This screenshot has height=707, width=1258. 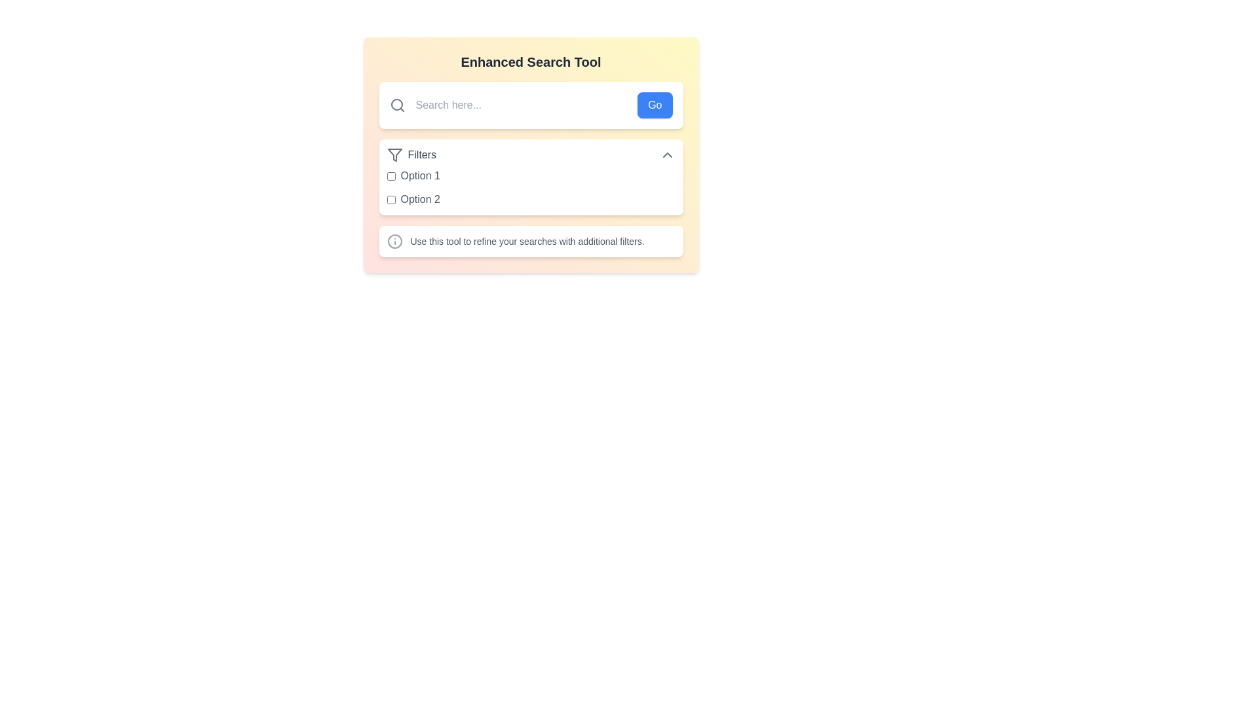 I want to click on the text label displaying 'Option 1' in gray color, which is styled with a clean, sans-serif font and positioned to the right of a checkbox, so click(x=420, y=175).